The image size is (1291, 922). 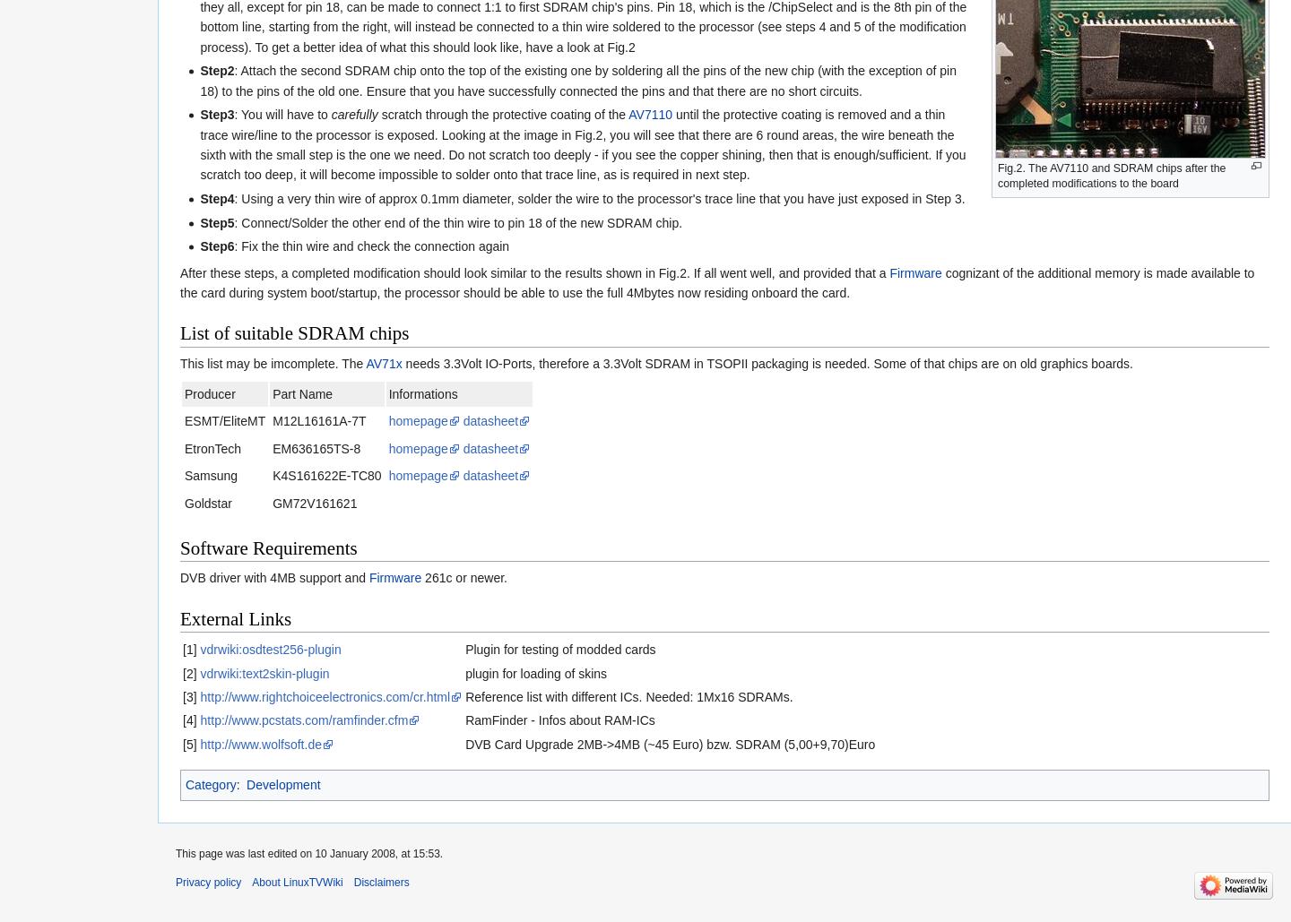 I want to click on 'K4S161622E-TC80', so click(x=325, y=474).